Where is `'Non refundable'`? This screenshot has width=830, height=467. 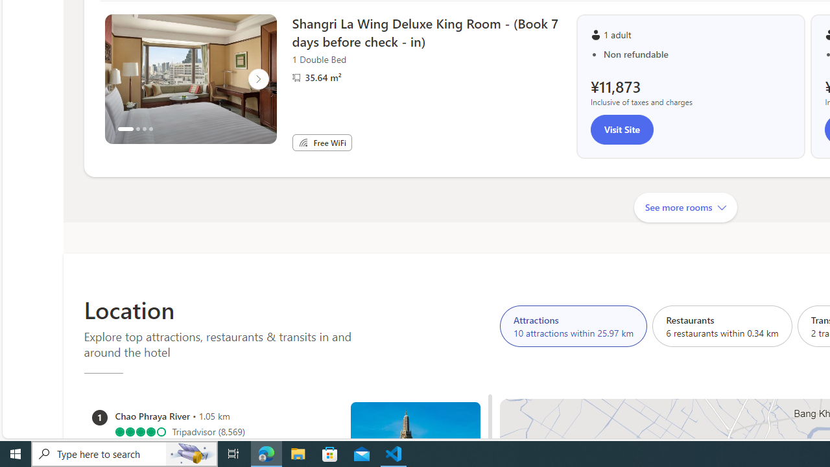
'Non refundable' is located at coordinates (696, 53).